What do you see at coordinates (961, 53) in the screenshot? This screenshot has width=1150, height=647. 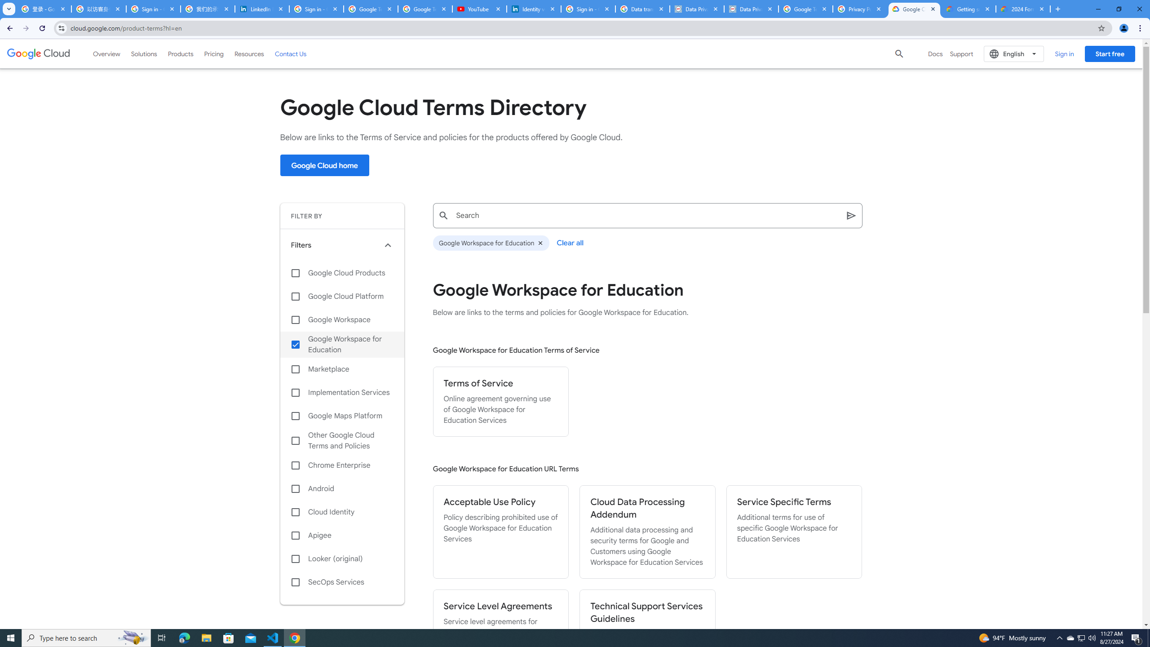 I see `'Support'` at bounding box center [961, 53].